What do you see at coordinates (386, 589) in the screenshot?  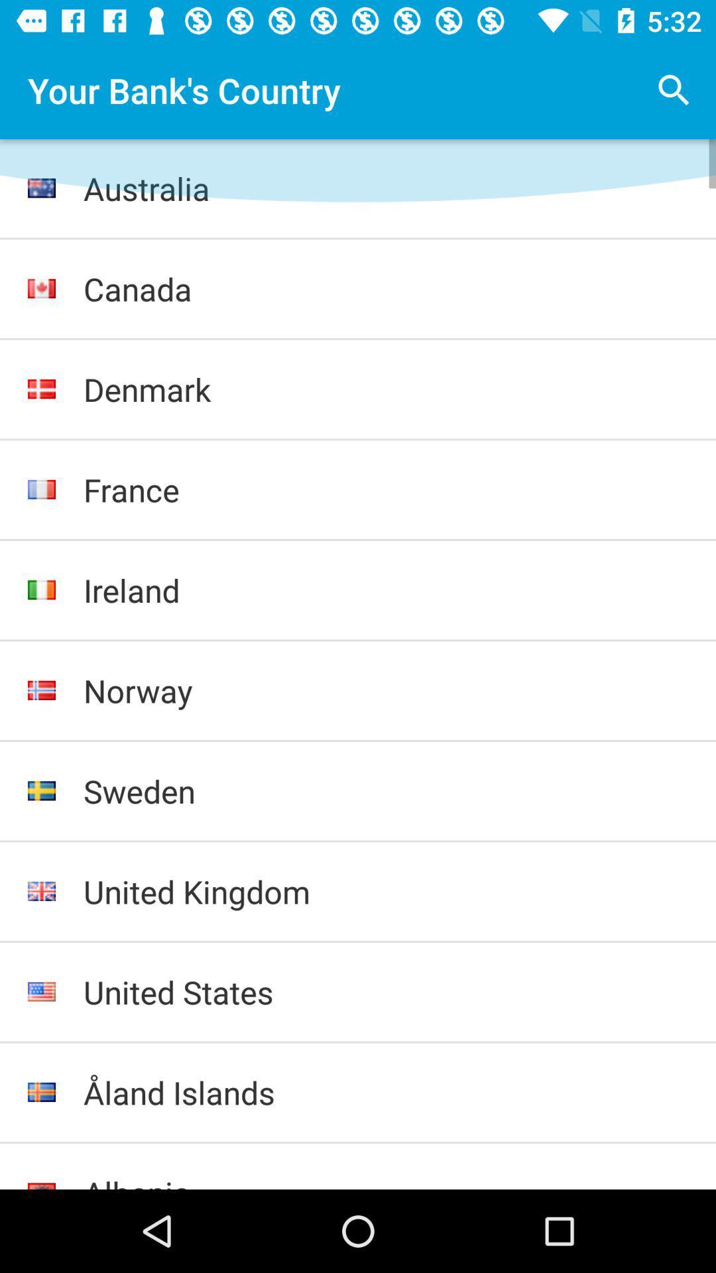 I see `the ireland icon` at bounding box center [386, 589].